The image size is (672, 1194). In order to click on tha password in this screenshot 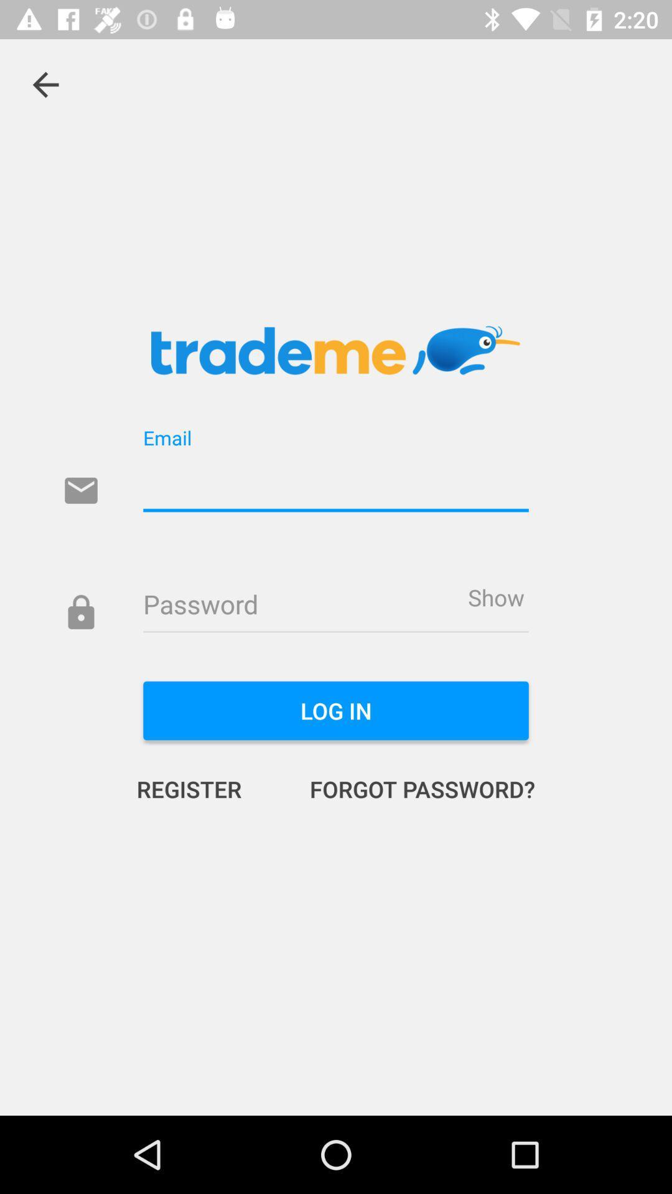, I will do `click(336, 606)`.